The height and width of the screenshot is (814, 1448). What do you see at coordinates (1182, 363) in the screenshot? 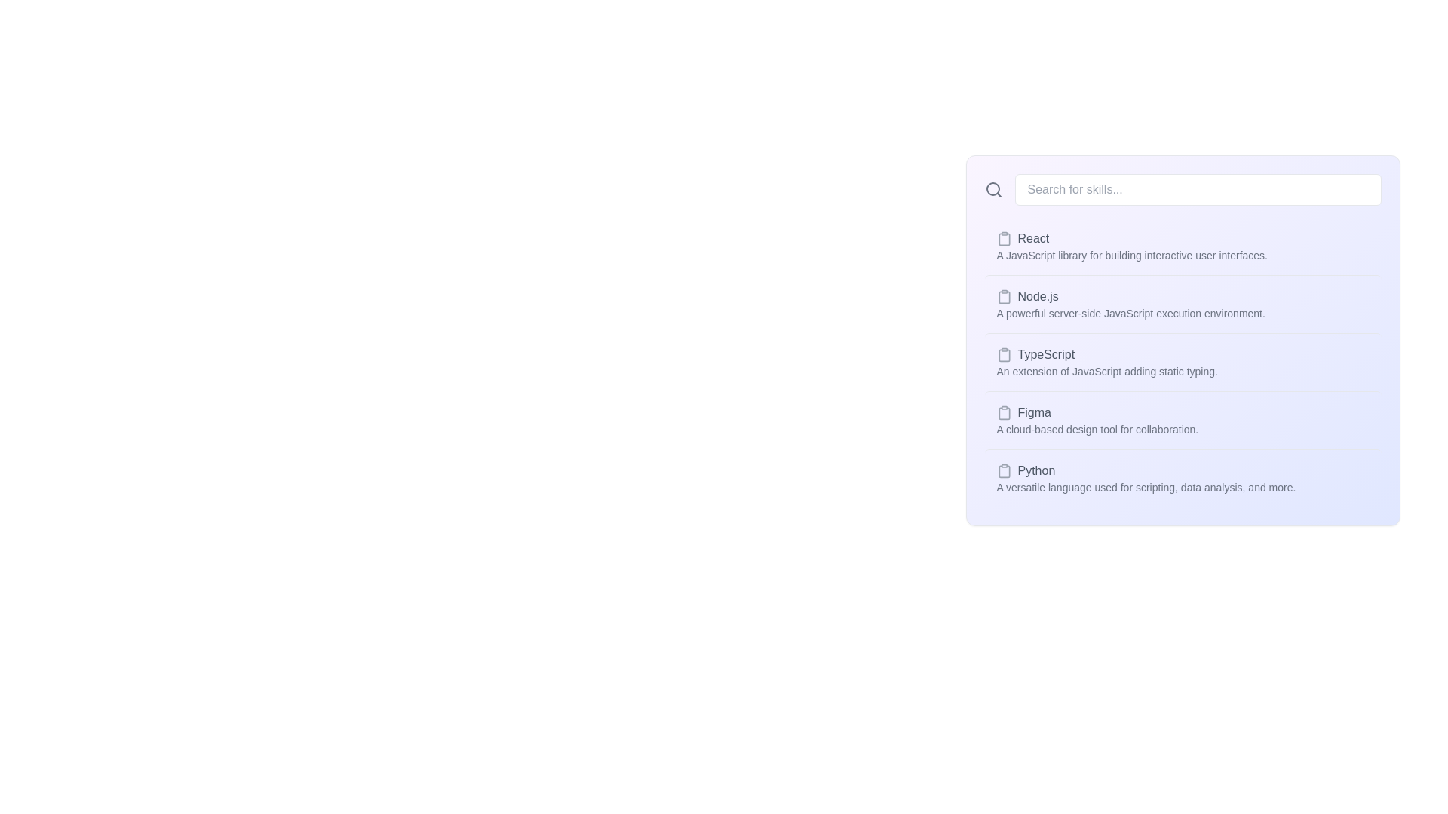
I see `the third item in the vertically stacked list that provides information about the TypeScript language` at bounding box center [1182, 363].